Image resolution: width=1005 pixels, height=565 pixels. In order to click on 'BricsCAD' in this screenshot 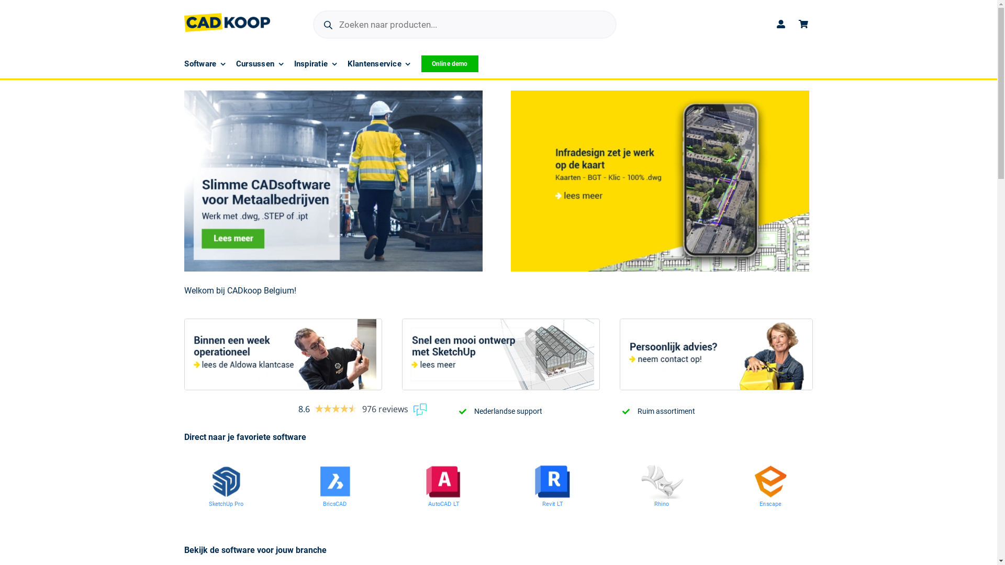, I will do `click(340, 504)`.